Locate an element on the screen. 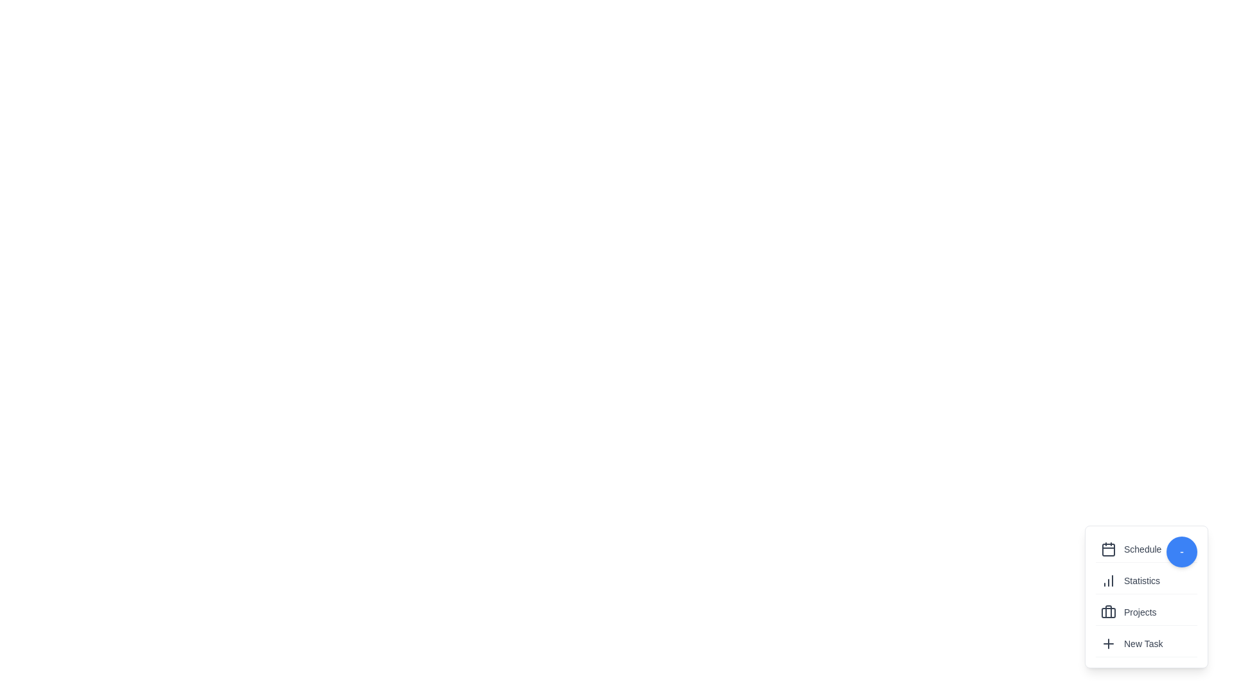 The image size is (1234, 694). the 'Statistics' menu item, which is an interactive option located below the 'Schedule' menu item and above the 'Projects' menu item is located at coordinates (1147, 580).